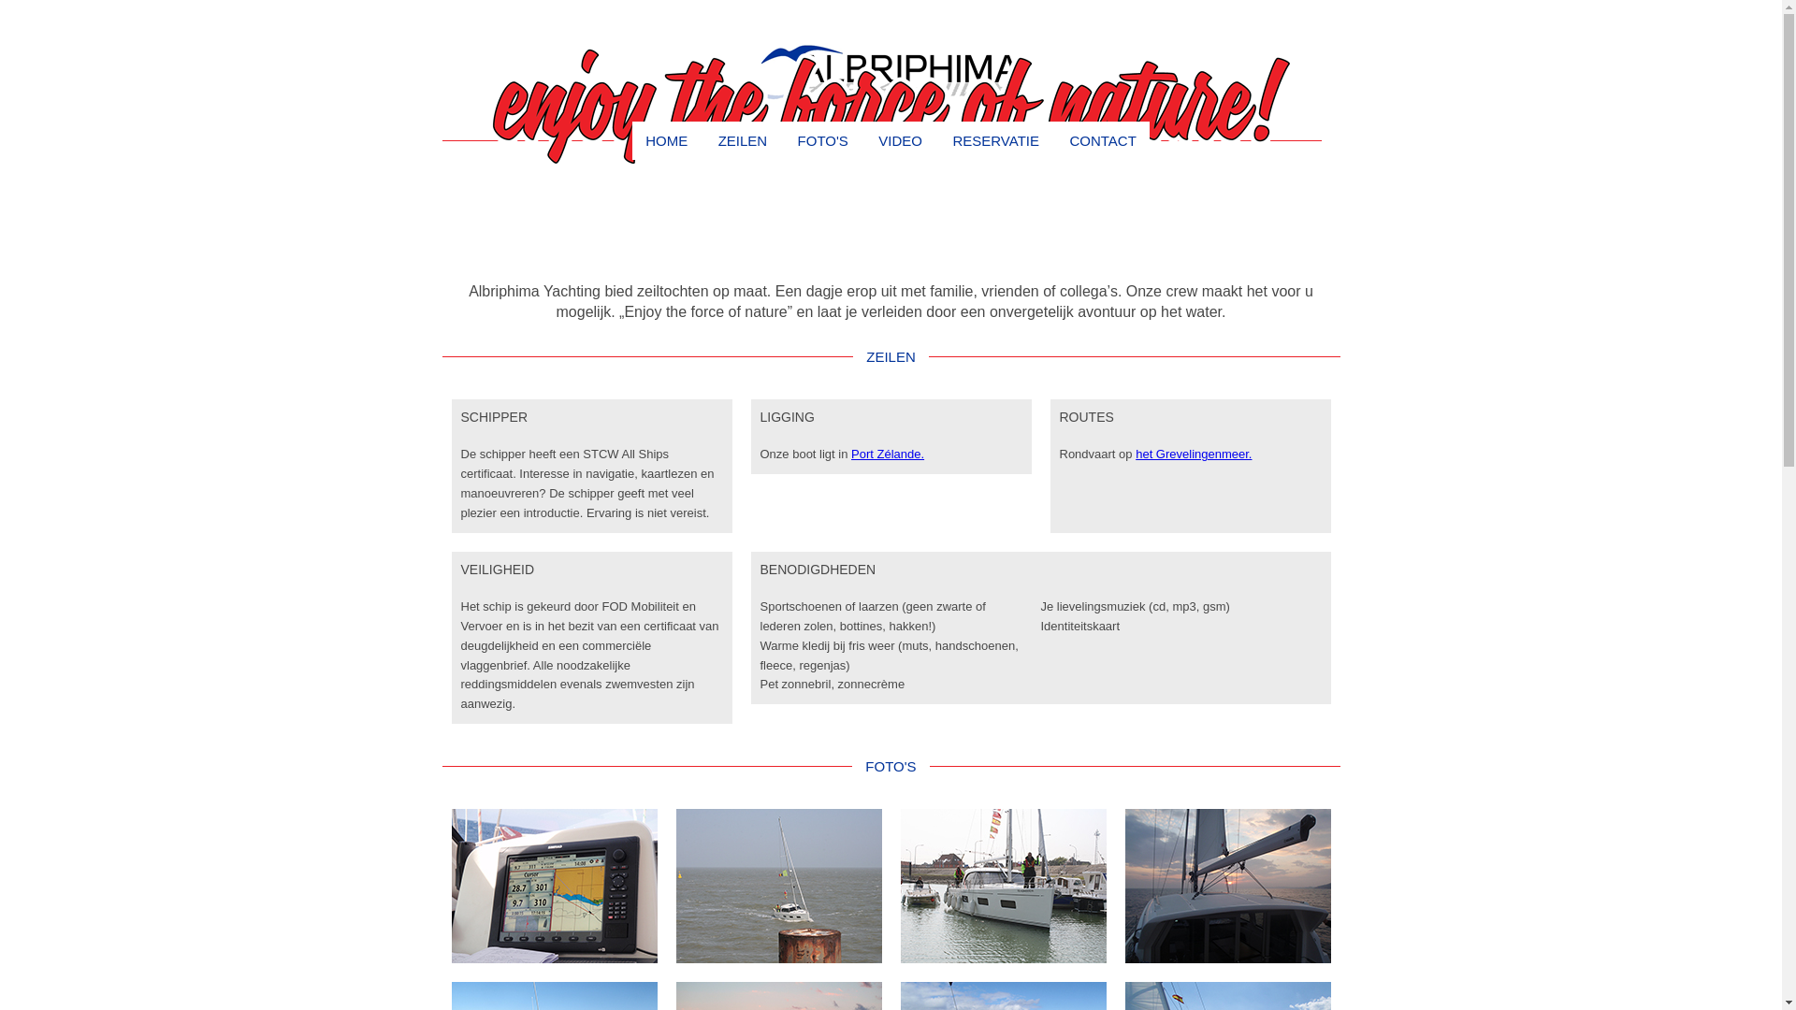 This screenshot has height=1010, width=1796. I want to click on 'RESERVATIE', so click(994, 139).